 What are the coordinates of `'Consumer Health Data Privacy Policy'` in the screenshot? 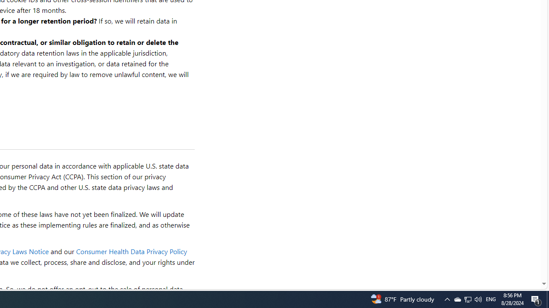 It's located at (131, 251).